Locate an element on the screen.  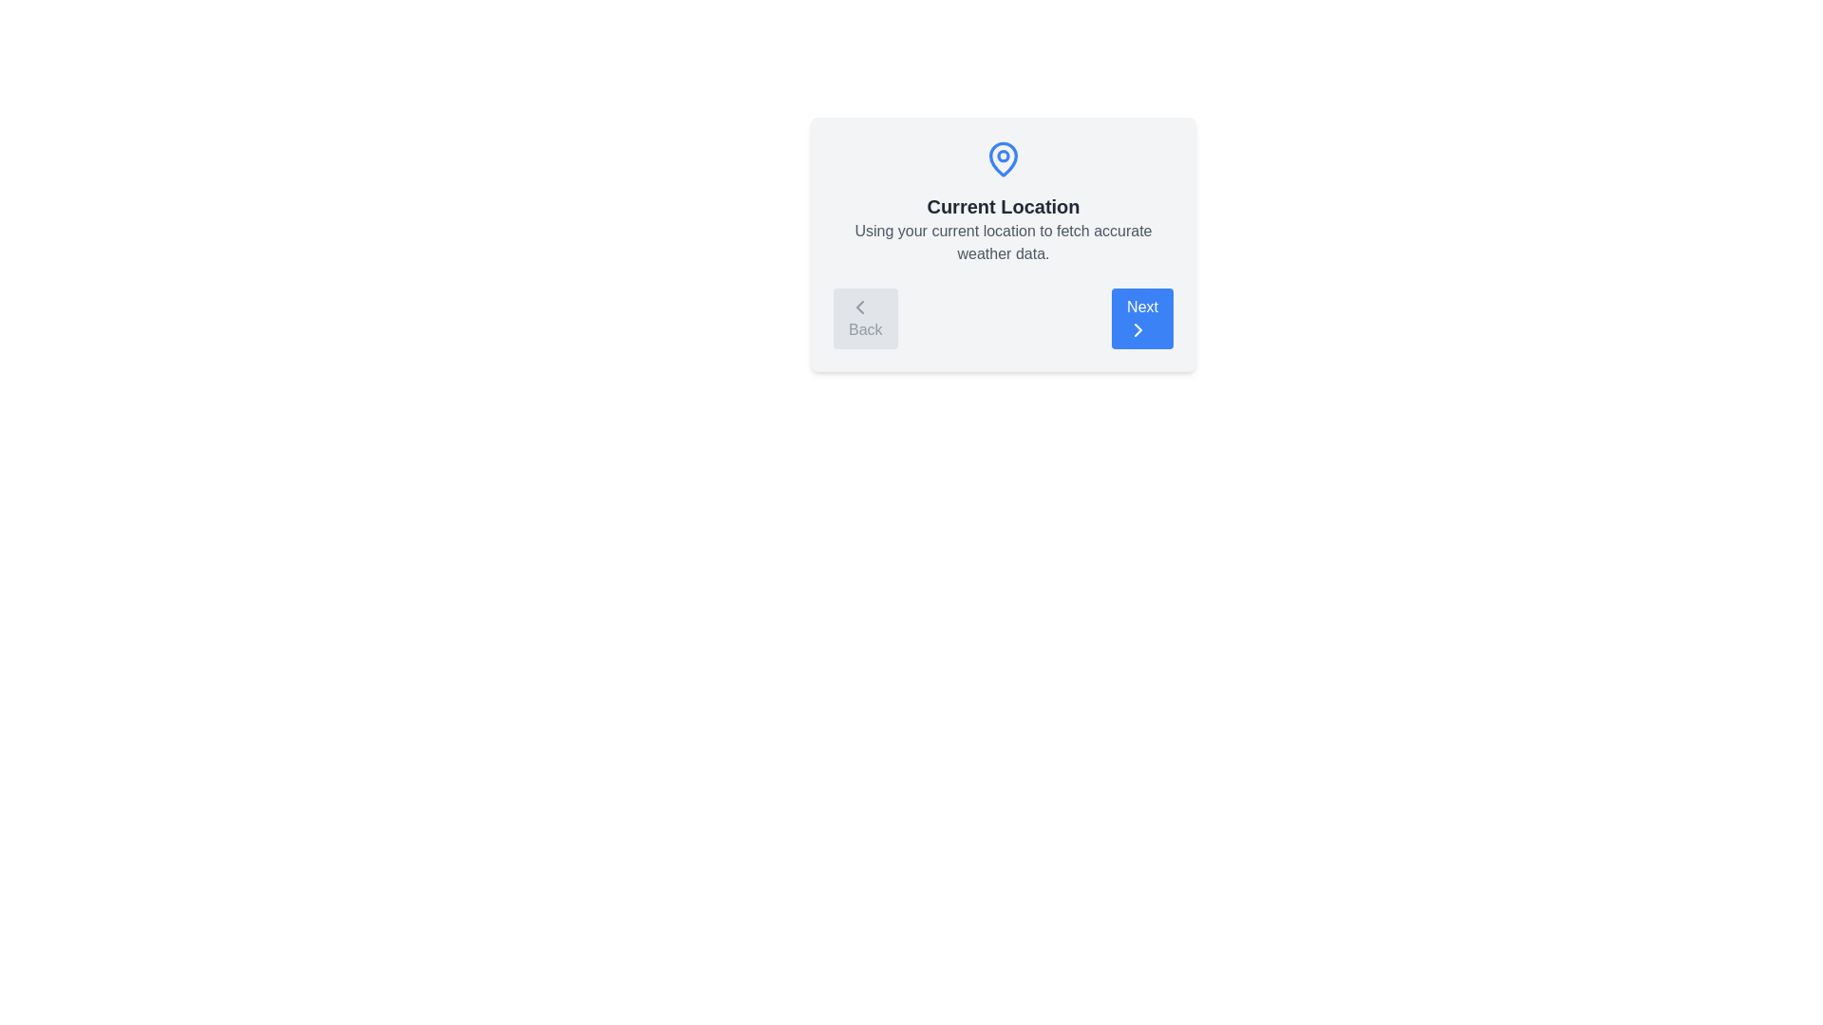
the 'Back' button to navigate to the previous step is located at coordinates (864, 317).